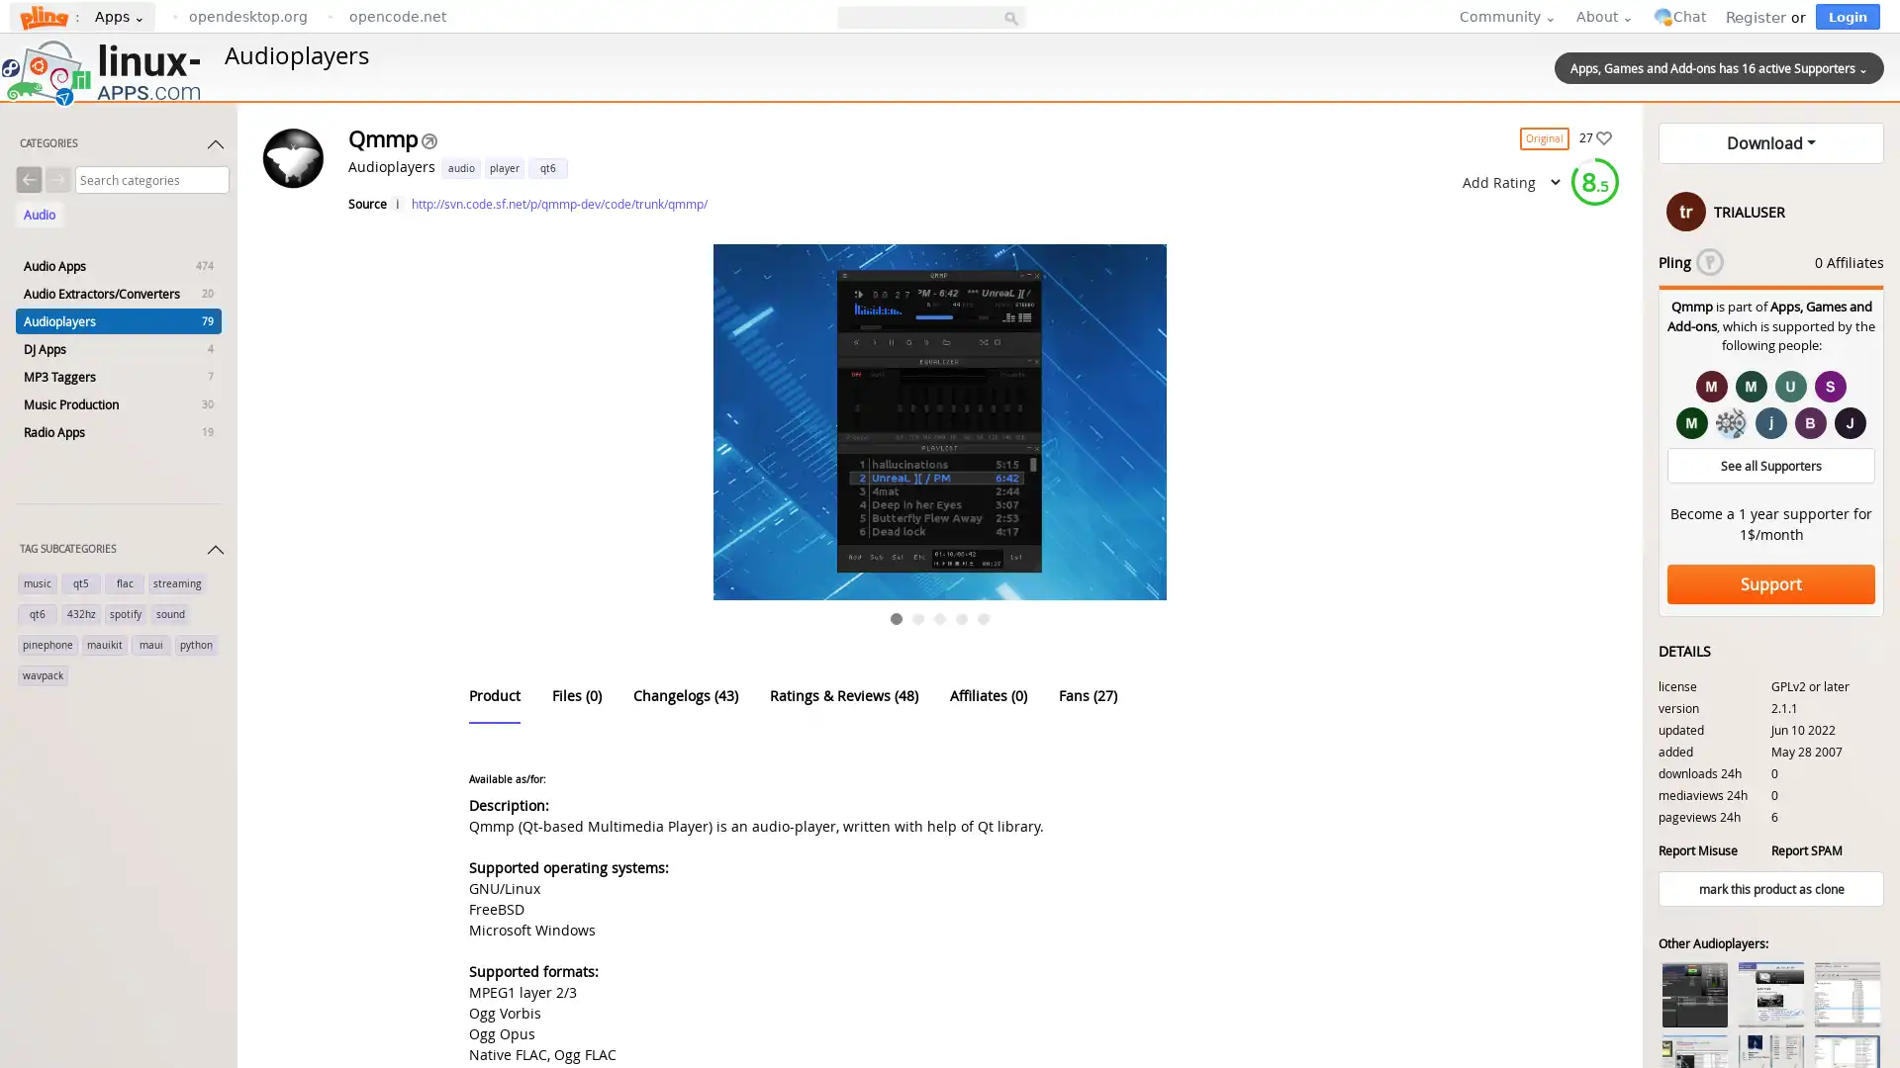 This screenshot has width=1900, height=1068. I want to click on TAG SUBCATEGORIES, so click(122, 553).